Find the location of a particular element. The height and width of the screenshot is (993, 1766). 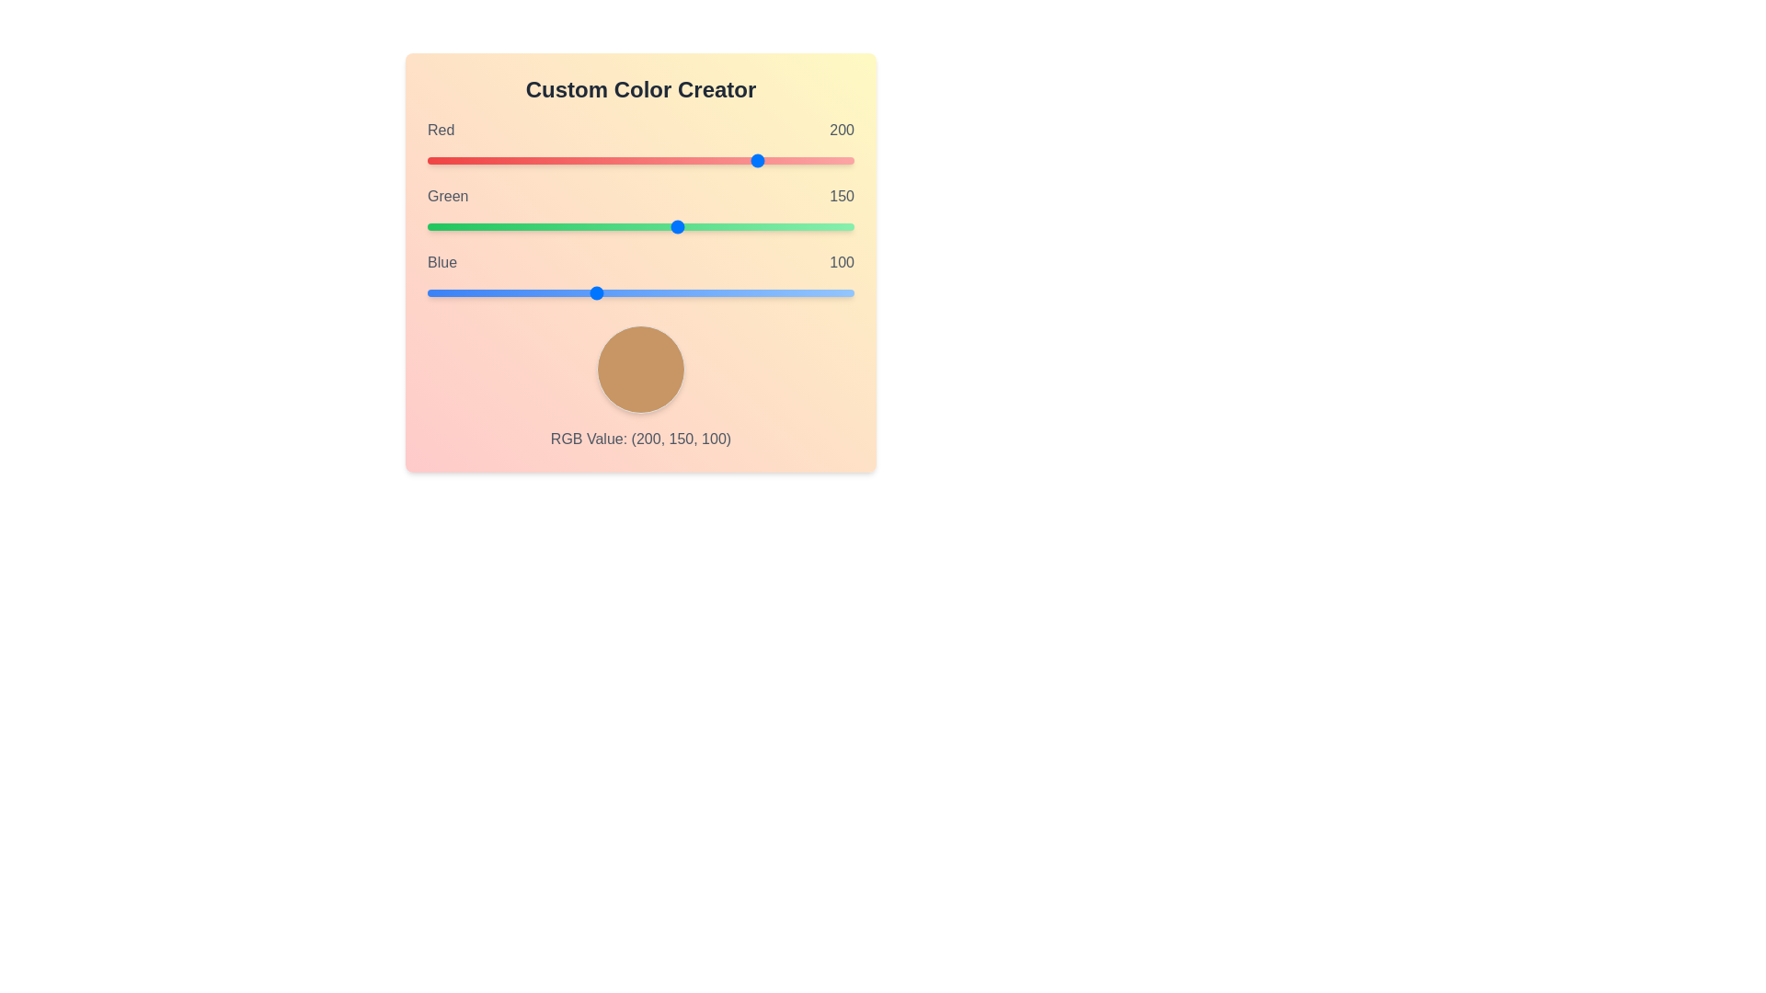

the red slider to set the red value to 31 is located at coordinates (479, 159).